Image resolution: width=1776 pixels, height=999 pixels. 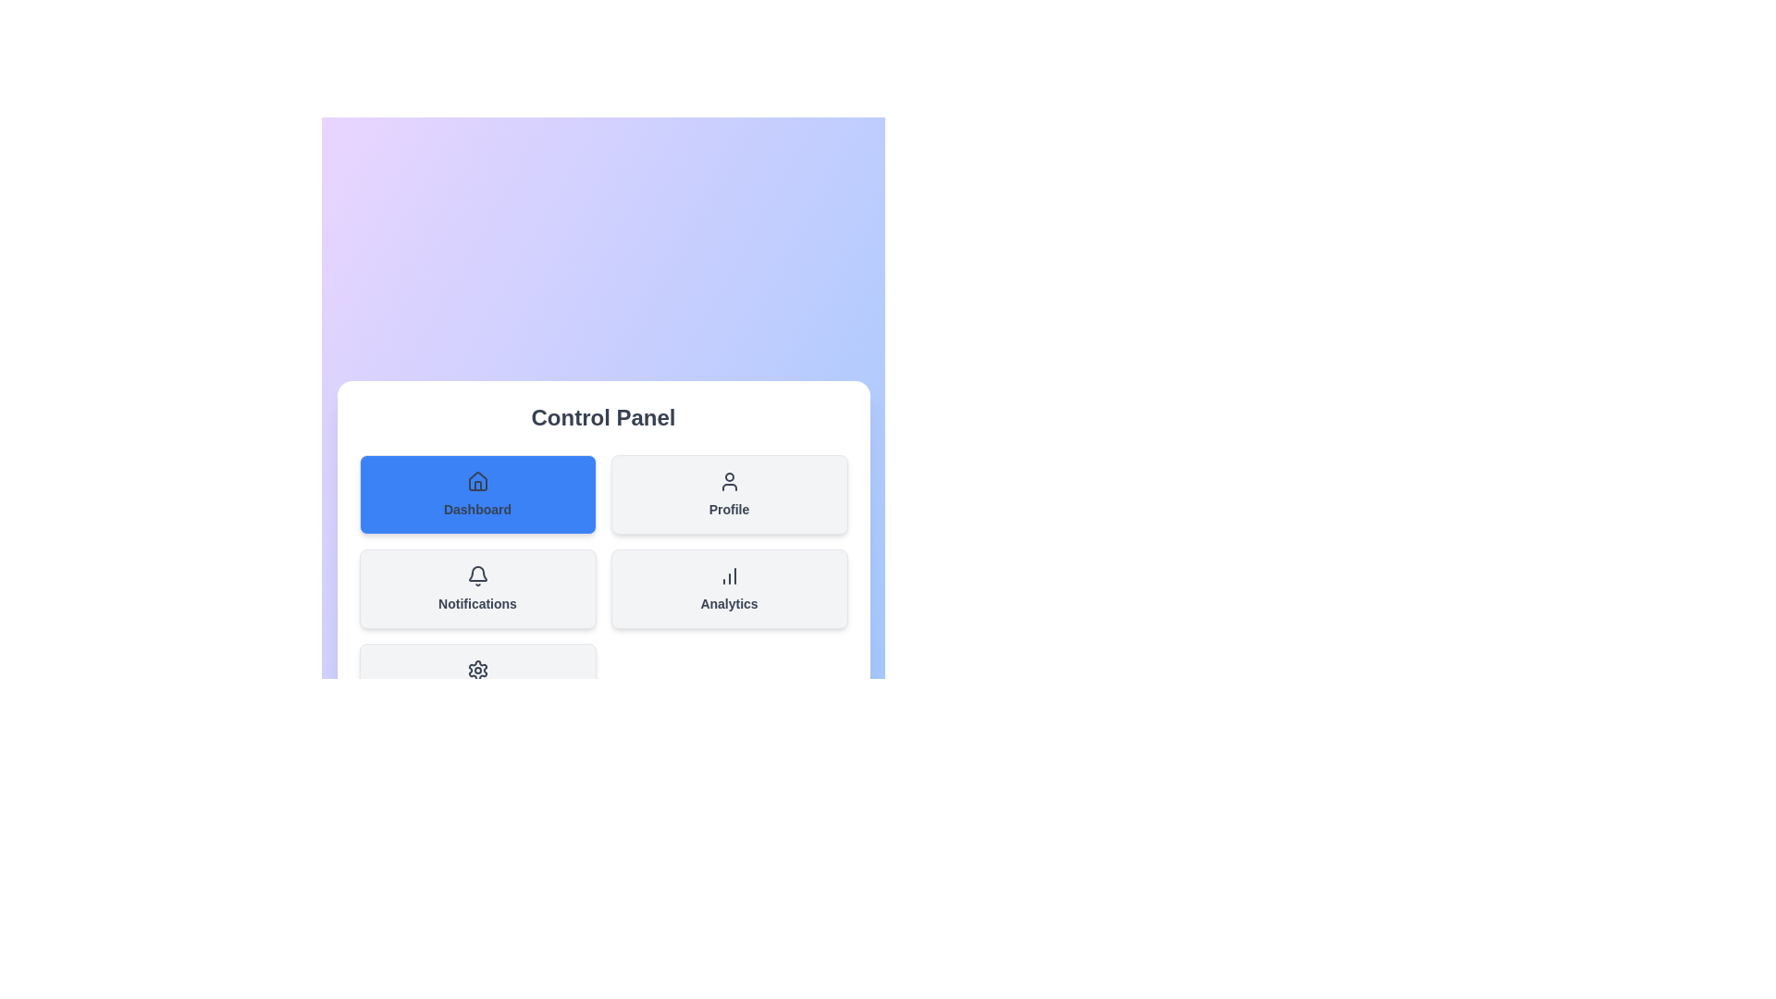 What do you see at coordinates (477, 494) in the screenshot?
I see `the section Dashboard from the menu by clicking its corresponding button` at bounding box center [477, 494].